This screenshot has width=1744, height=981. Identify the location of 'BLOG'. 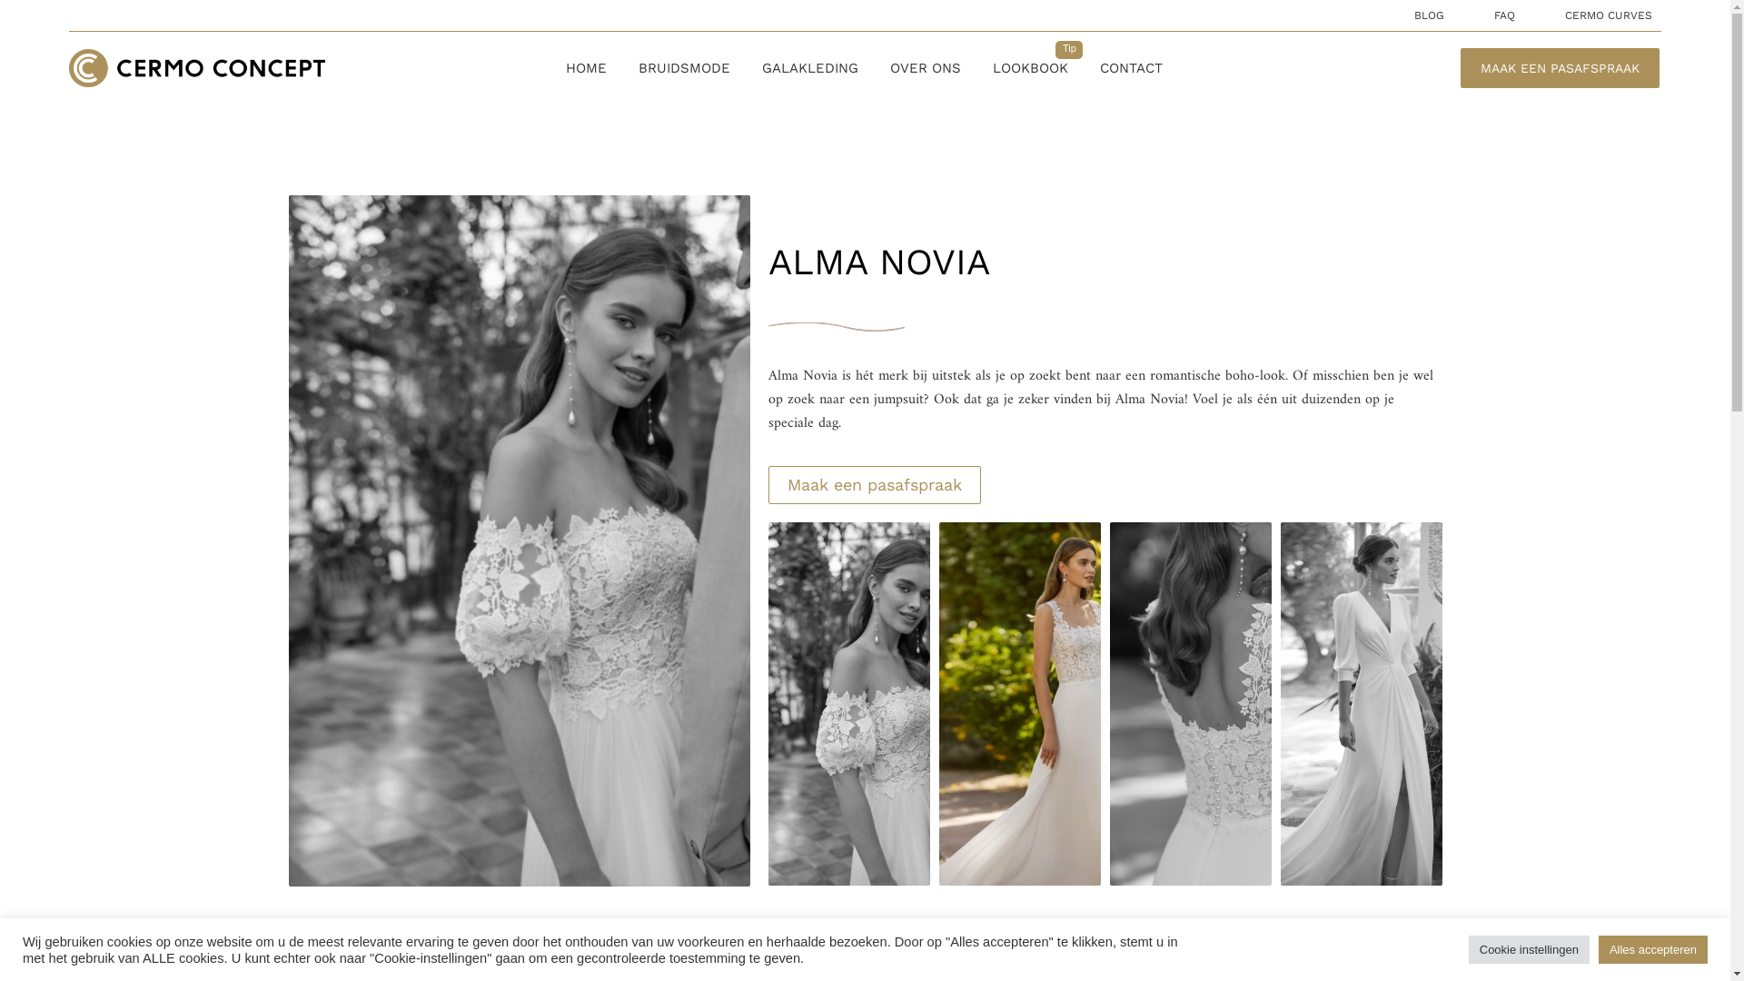
(1428, 15).